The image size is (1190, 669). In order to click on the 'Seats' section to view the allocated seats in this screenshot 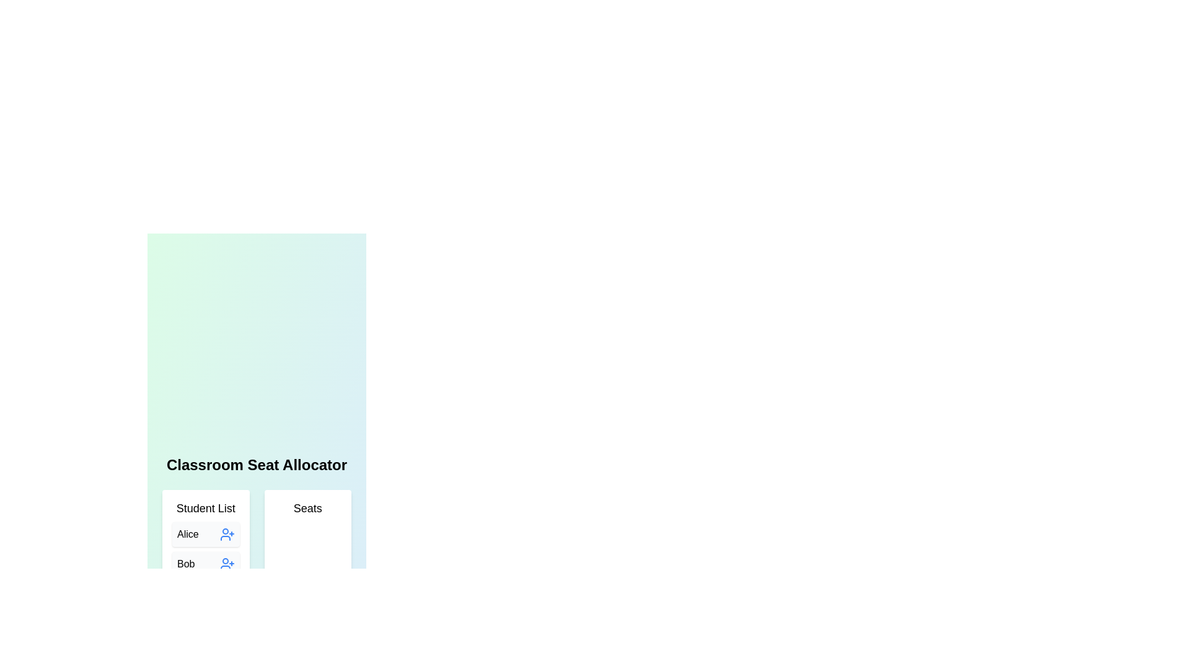, I will do `click(307, 585)`.